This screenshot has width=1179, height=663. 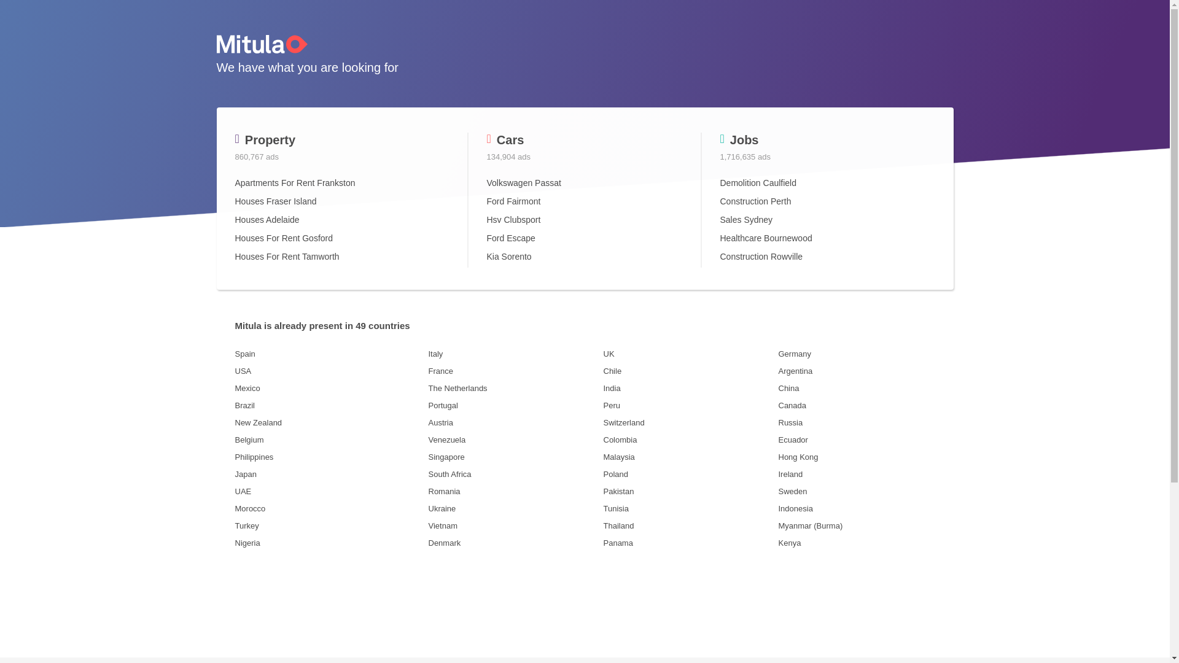 What do you see at coordinates (507, 457) in the screenshot?
I see `'Singapore'` at bounding box center [507, 457].